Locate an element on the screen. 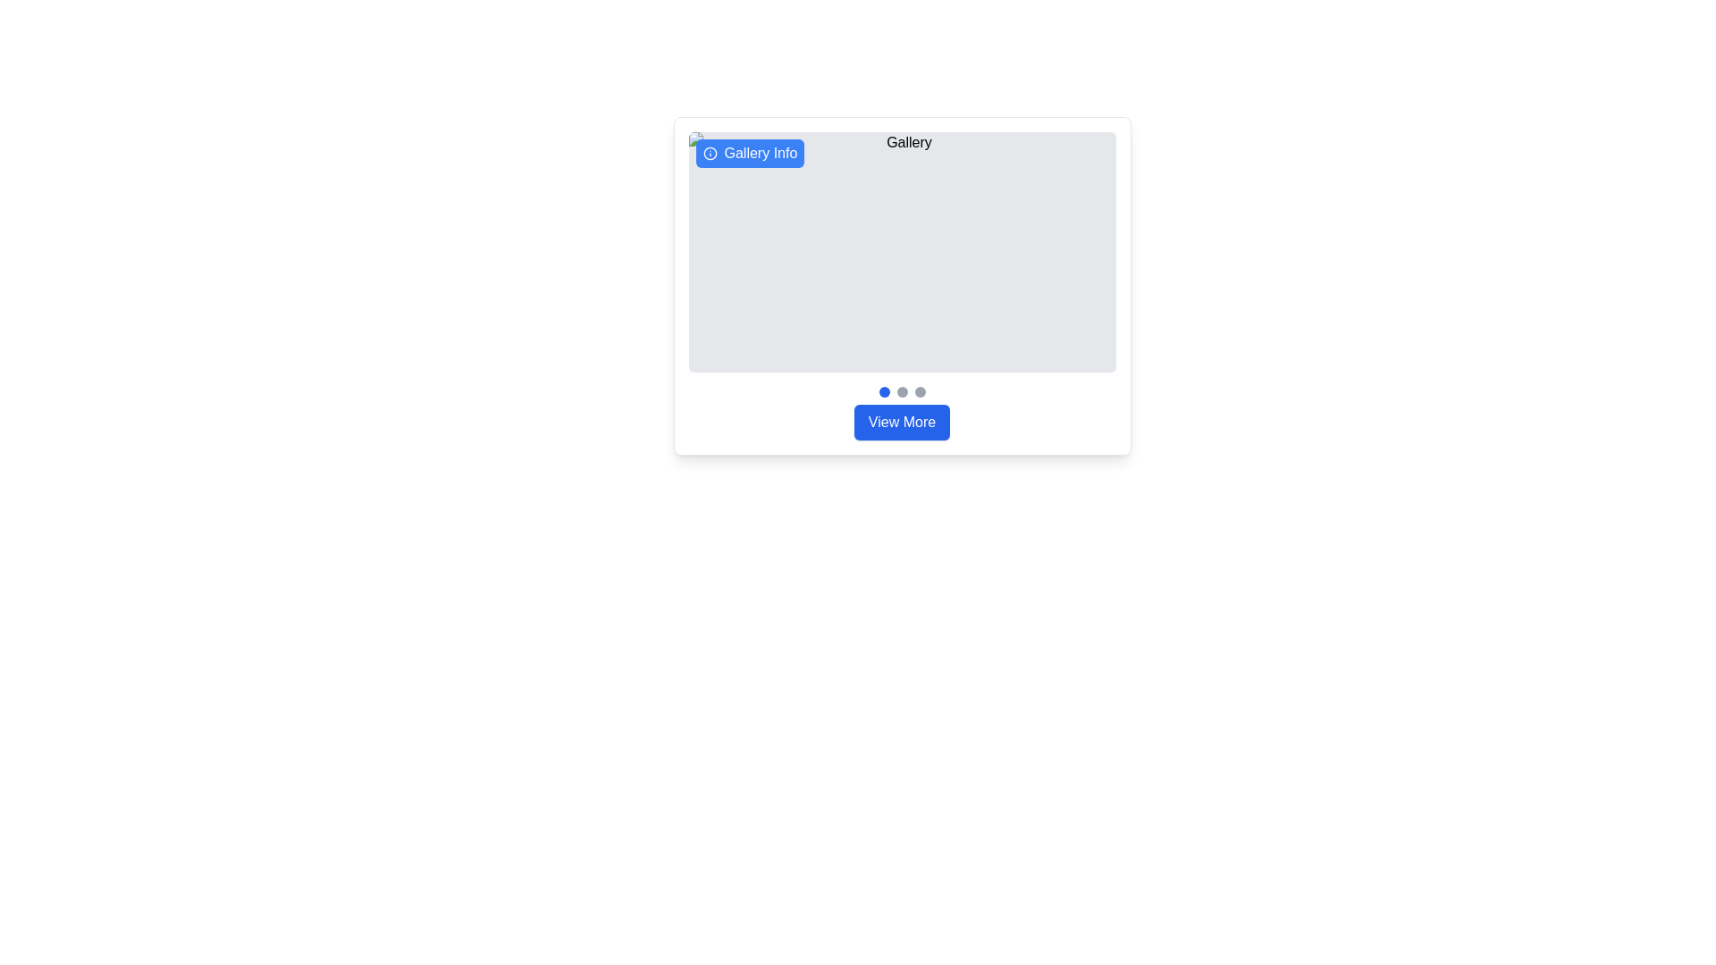 The image size is (1716, 965). the individual circle of the Carousel navigation indicator located at the bottom of the card is located at coordinates (902, 390).